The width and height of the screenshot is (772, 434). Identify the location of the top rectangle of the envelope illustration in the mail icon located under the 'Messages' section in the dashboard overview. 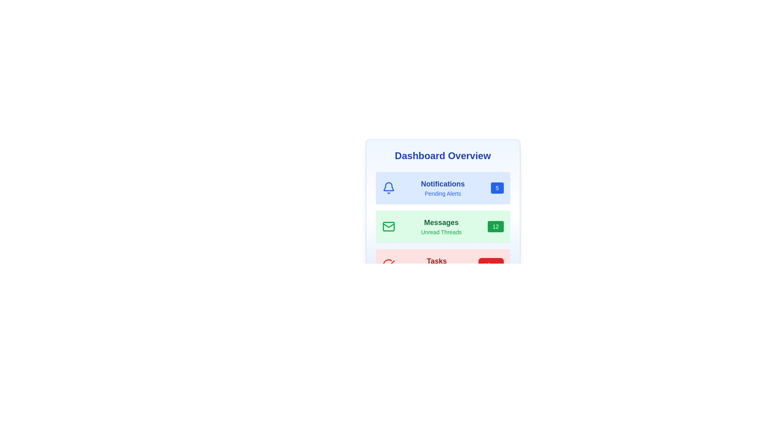
(388, 226).